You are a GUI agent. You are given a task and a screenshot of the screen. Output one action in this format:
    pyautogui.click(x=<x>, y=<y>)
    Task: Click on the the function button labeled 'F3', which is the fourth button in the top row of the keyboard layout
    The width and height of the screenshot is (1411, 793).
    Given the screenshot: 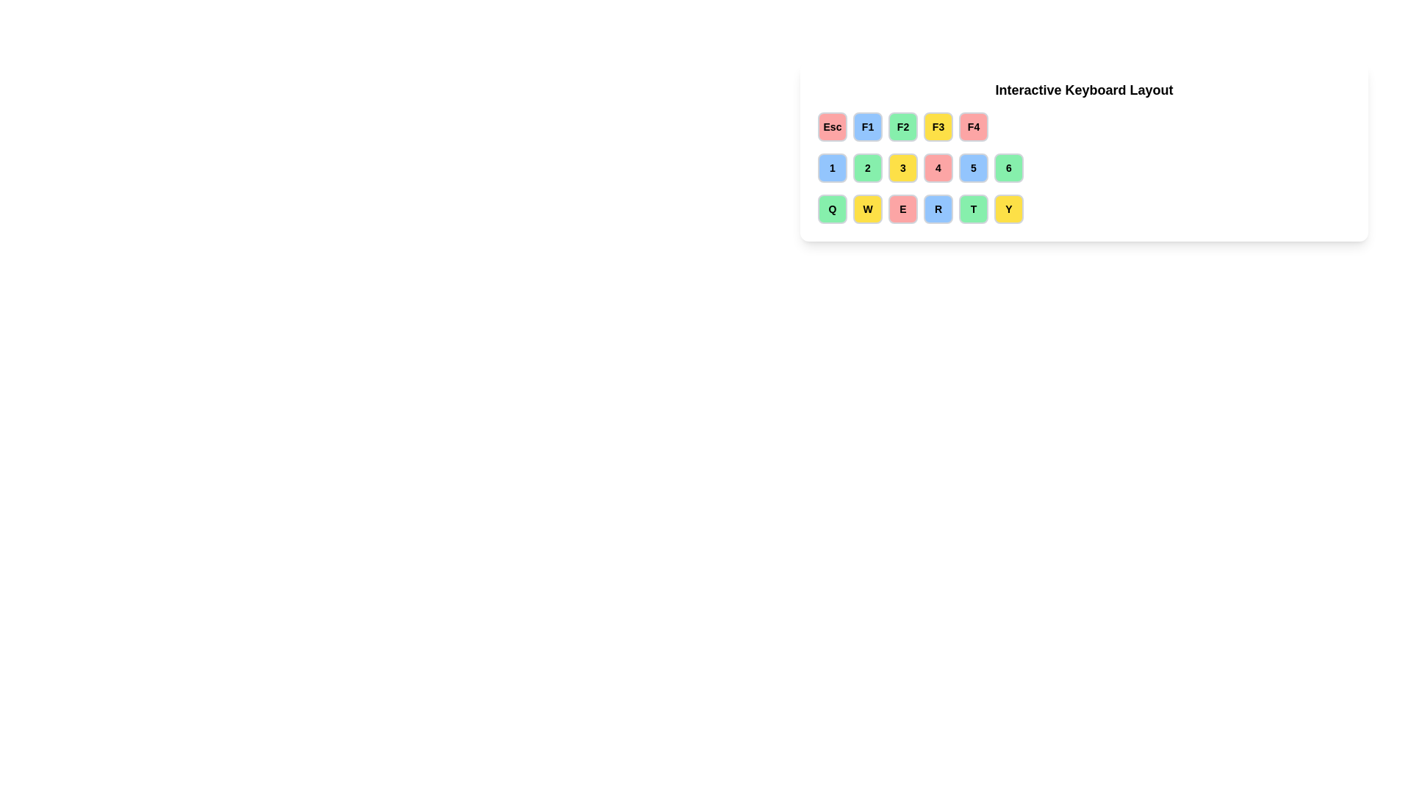 What is the action you would take?
    pyautogui.click(x=937, y=126)
    